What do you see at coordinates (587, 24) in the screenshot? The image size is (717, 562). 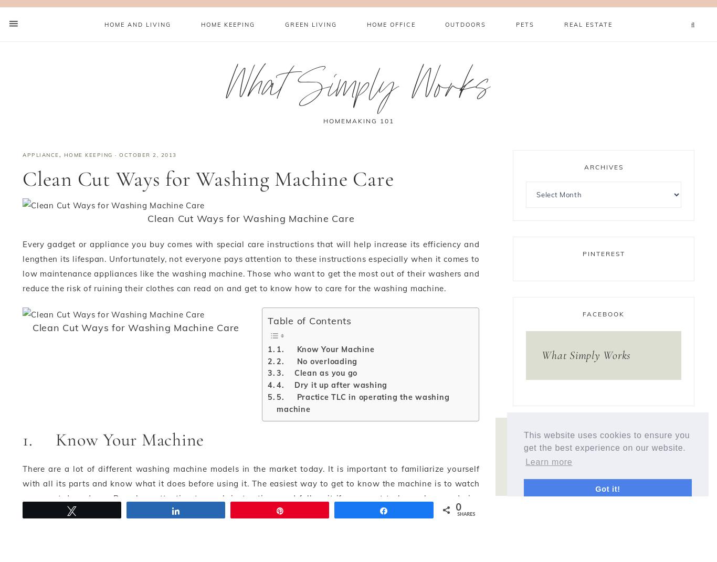 I see `'Real Estate'` at bounding box center [587, 24].